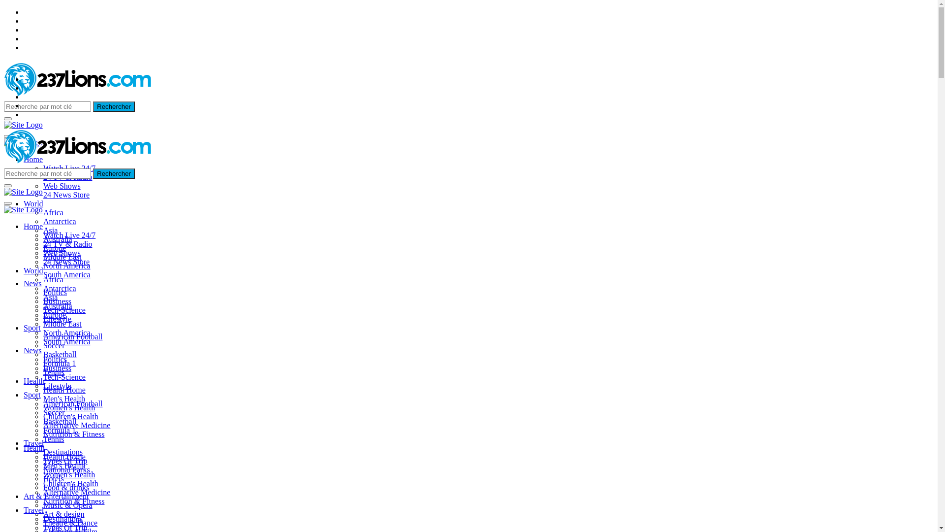  Describe the element at coordinates (63, 398) in the screenshot. I see `'Men's Health'` at that location.